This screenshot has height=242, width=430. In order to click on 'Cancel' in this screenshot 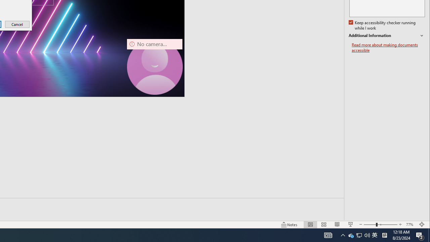, I will do `click(17, 24)`.